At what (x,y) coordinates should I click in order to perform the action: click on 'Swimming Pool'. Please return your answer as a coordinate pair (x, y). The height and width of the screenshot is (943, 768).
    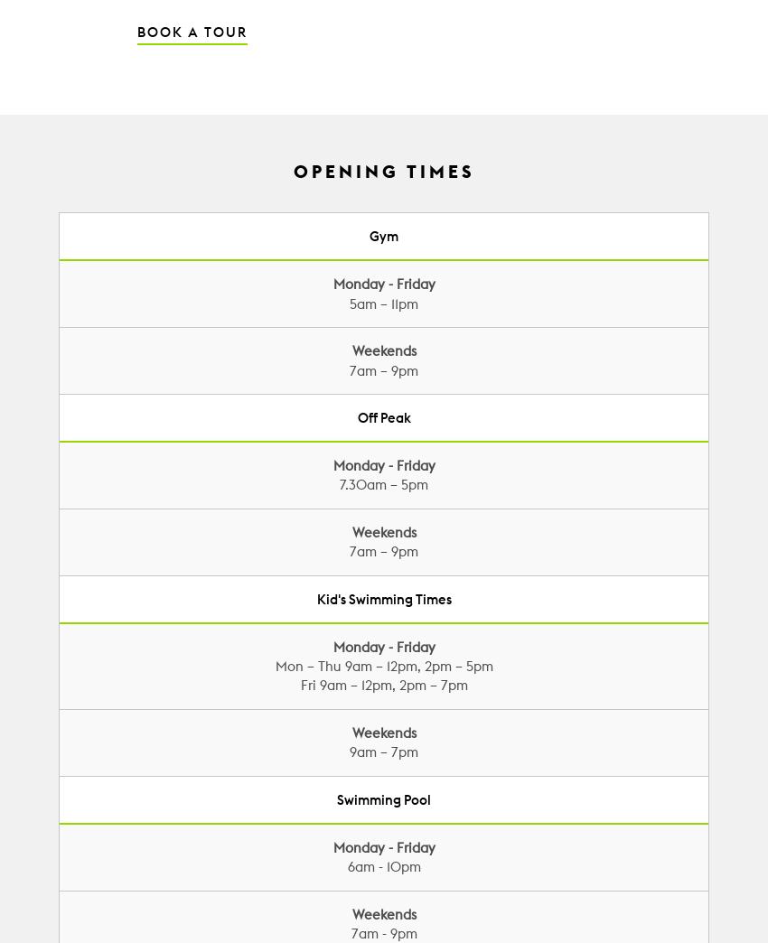
    Looking at the image, I should click on (384, 798).